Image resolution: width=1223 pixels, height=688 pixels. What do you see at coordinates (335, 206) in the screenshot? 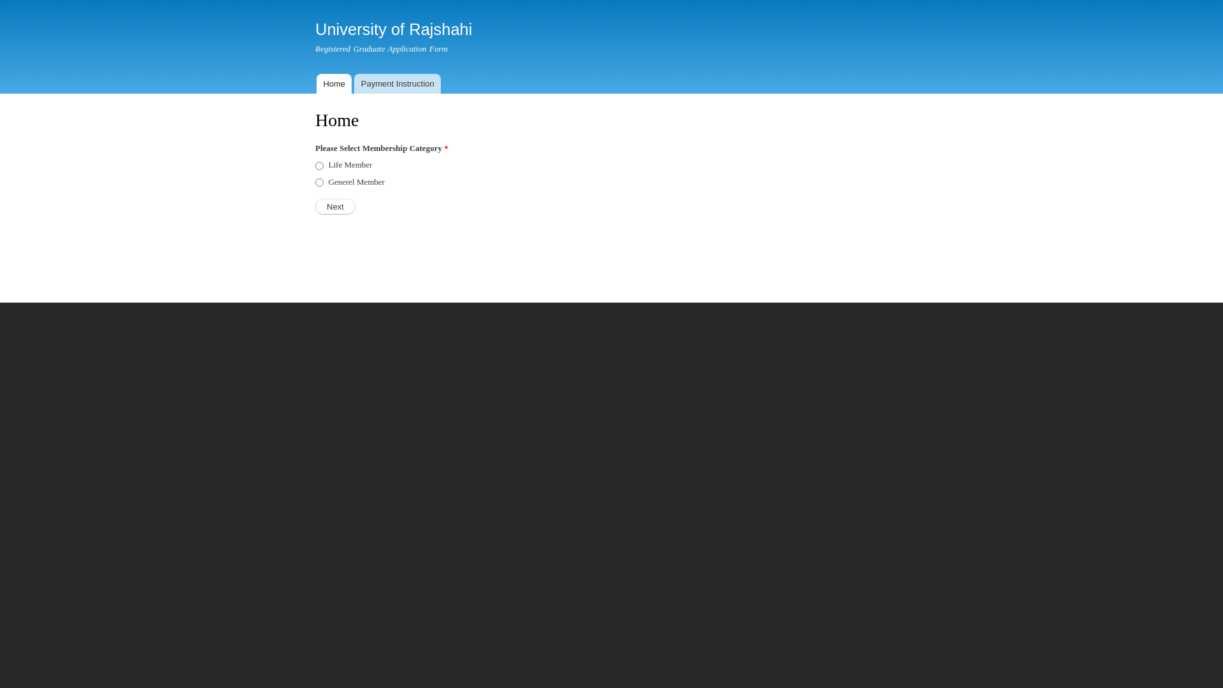
I see `'Next'` at bounding box center [335, 206].